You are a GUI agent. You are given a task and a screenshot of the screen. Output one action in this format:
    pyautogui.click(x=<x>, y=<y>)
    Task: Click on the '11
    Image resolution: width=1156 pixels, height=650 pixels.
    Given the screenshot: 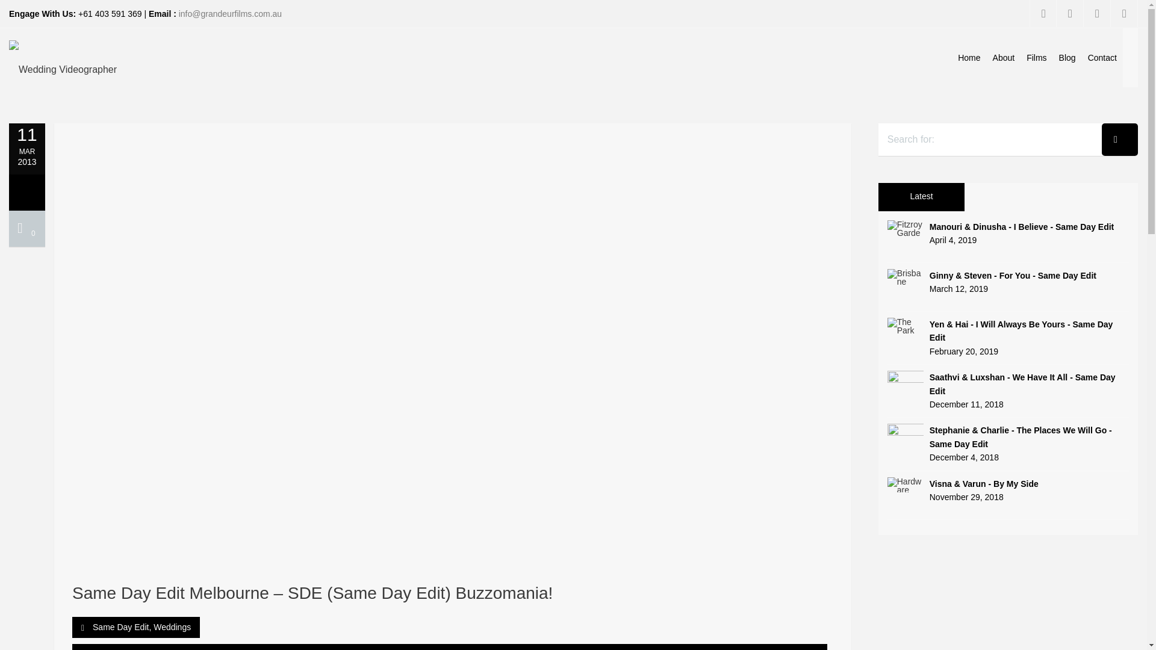 What is the action you would take?
    pyautogui.click(x=8, y=144)
    